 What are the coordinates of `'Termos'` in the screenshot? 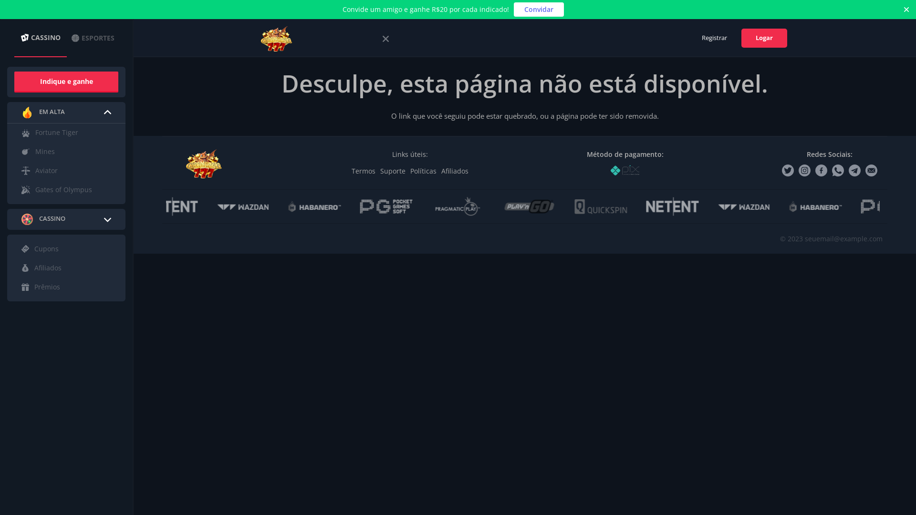 It's located at (363, 170).